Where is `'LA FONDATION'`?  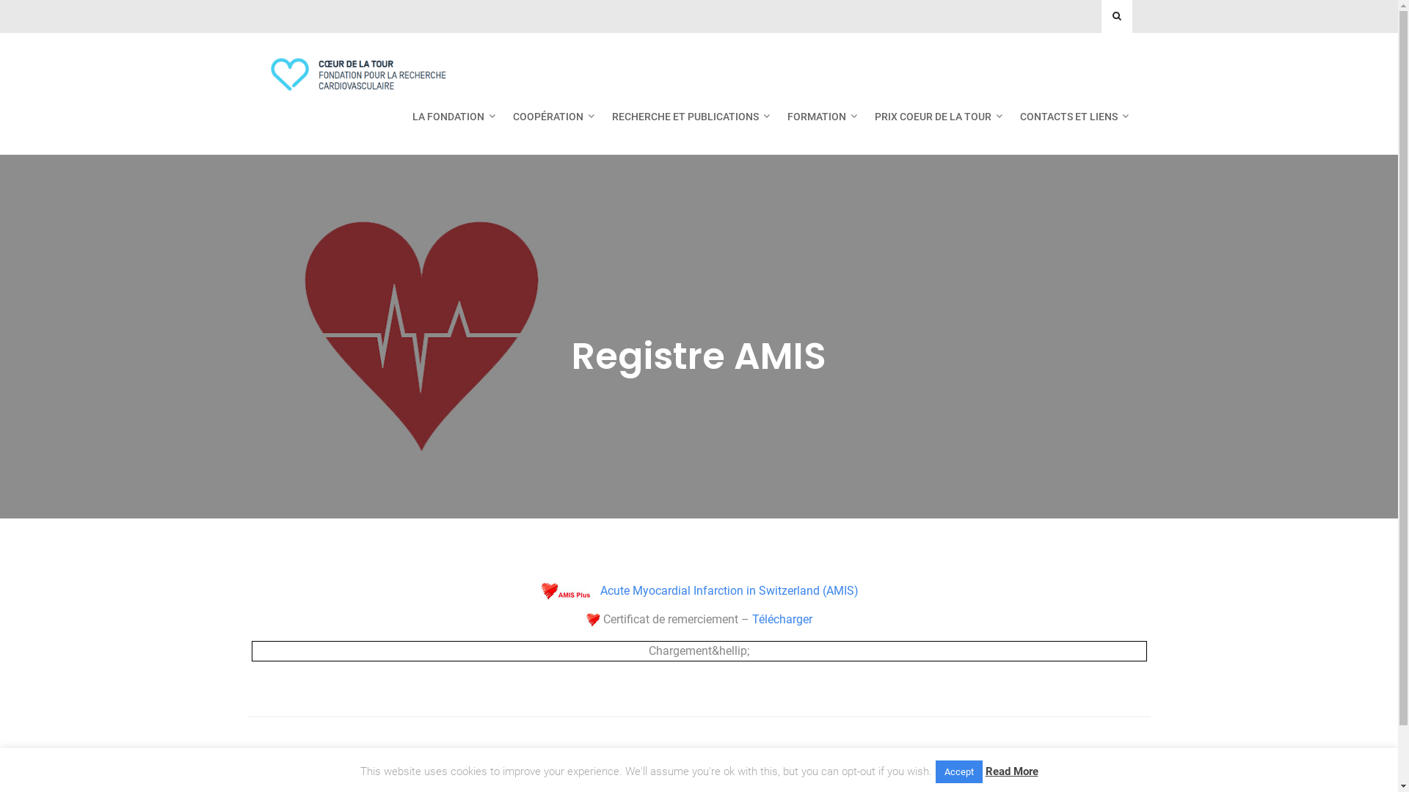 'LA FONDATION' is located at coordinates (448, 116).